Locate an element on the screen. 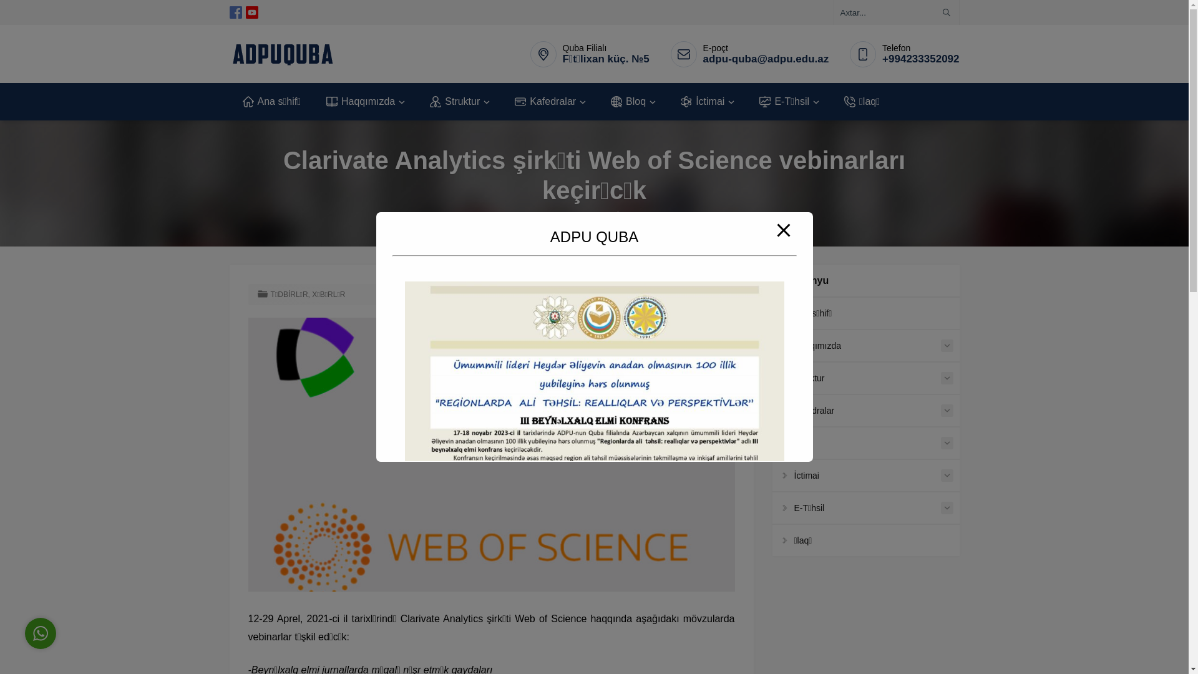  'Kafedralar' is located at coordinates (865, 409).